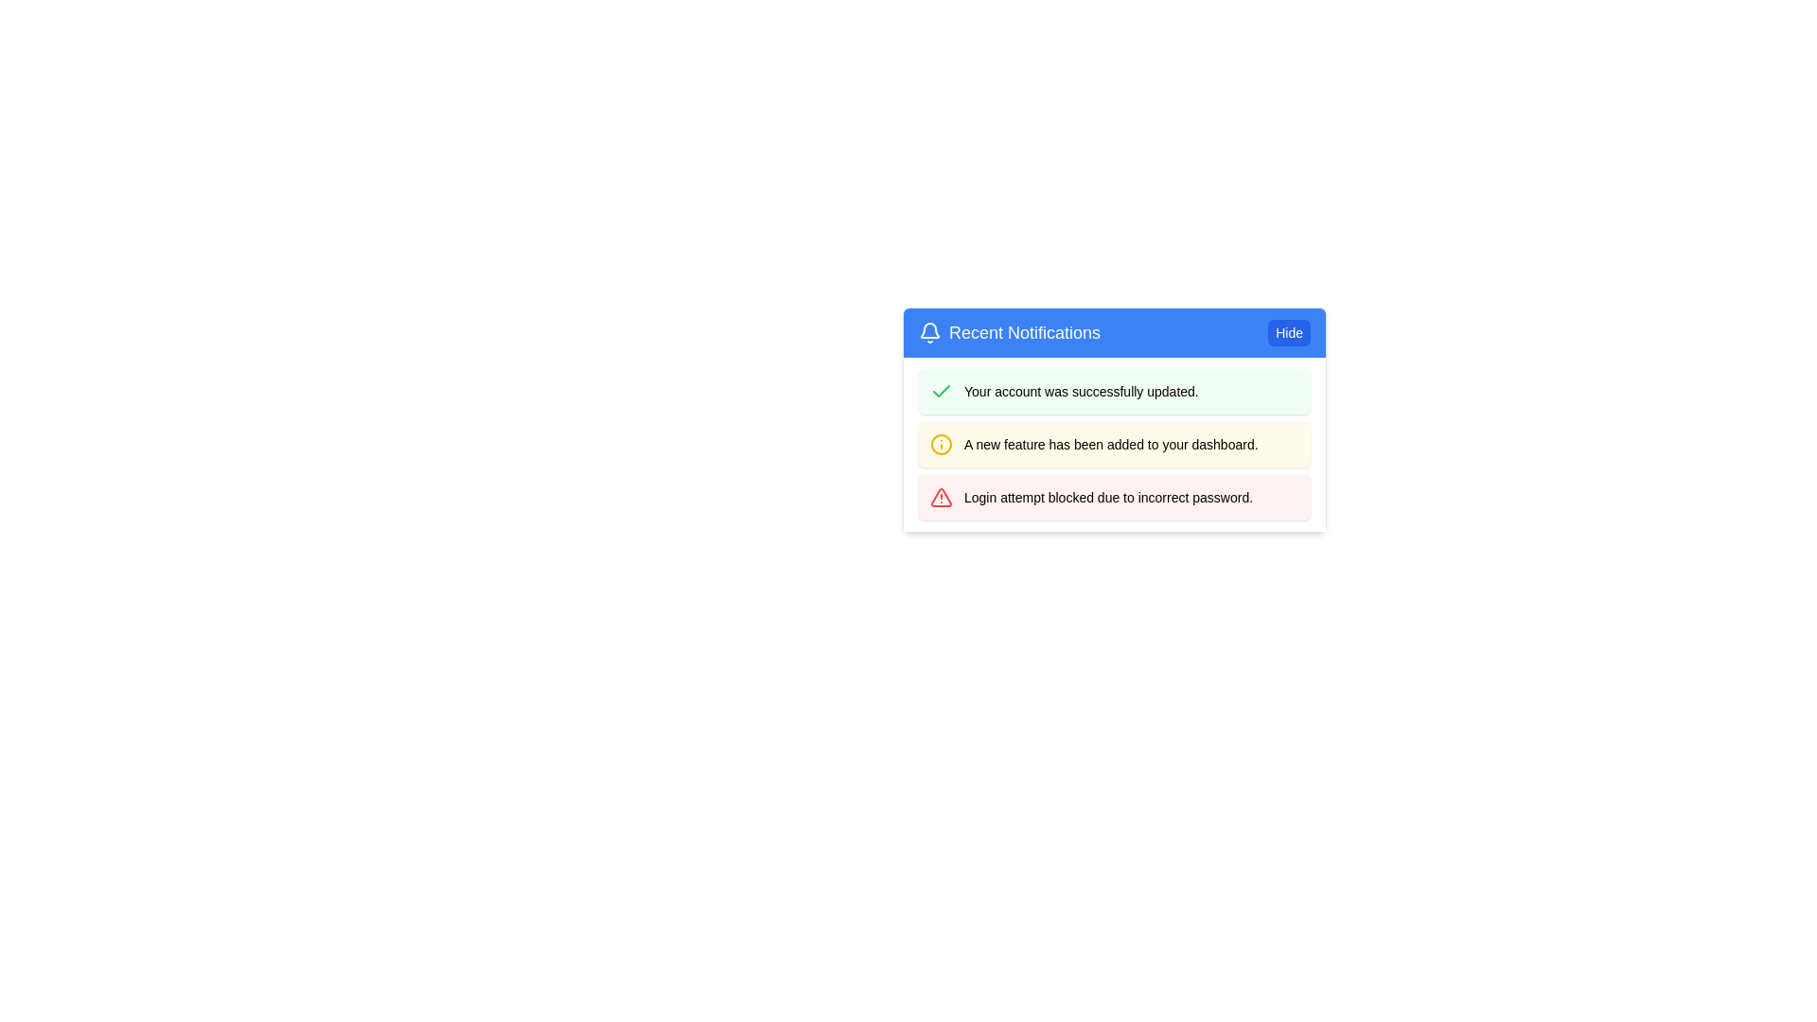  Describe the element at coordinates (930, 331) in the screenshot. I see `the bell-shaped notification icon` at that location.